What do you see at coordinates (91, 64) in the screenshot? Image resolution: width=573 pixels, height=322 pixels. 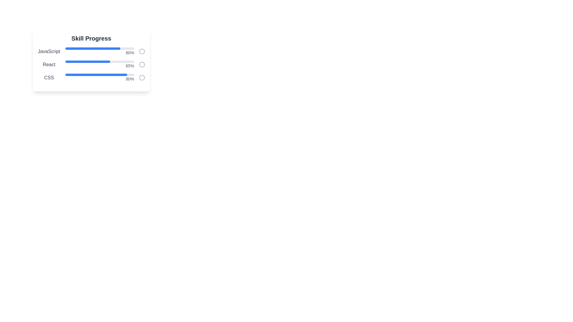 I see `the Progress bar representing the skill proficiency level for 'React' at 65%, which is the second progress bar in a vertical list of three under the 'Skill Progress' group` at bounding box center [91, 64].